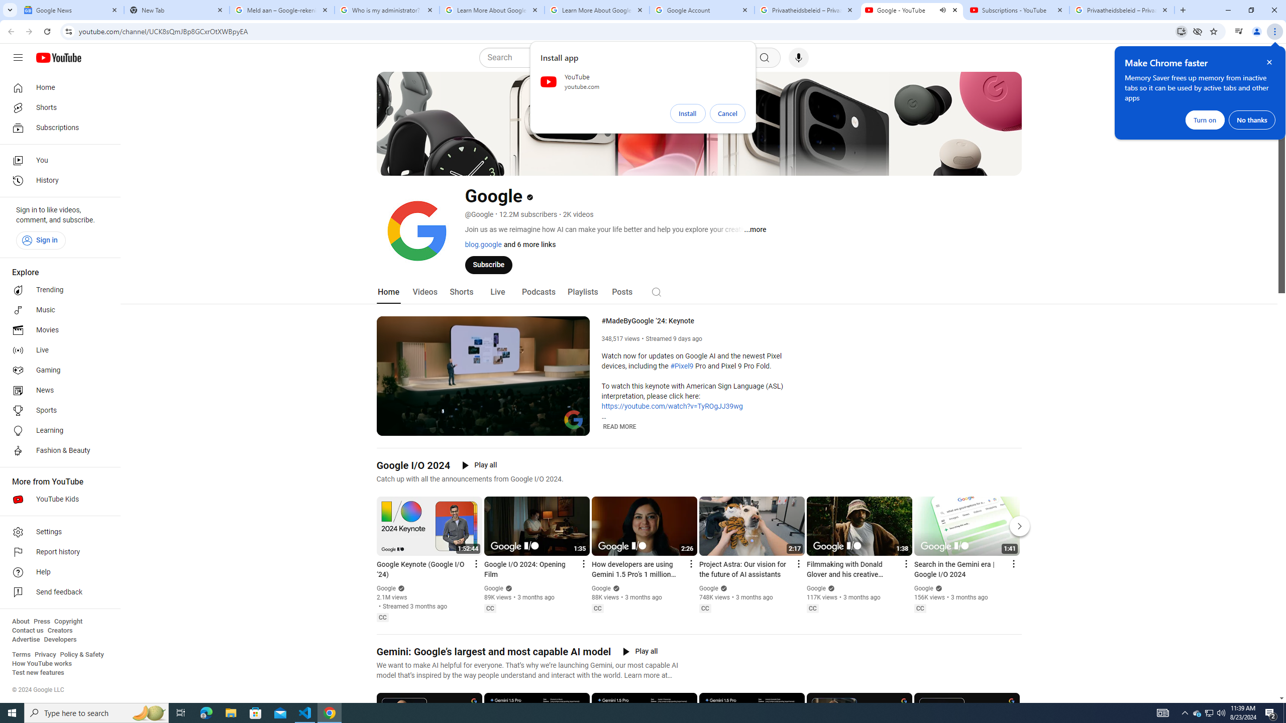 The height and width of the screenshot is (723, 1286). Describe the element at coordinates (58, 57) in the screenshot. I see `'YouTube Home'` at that location.